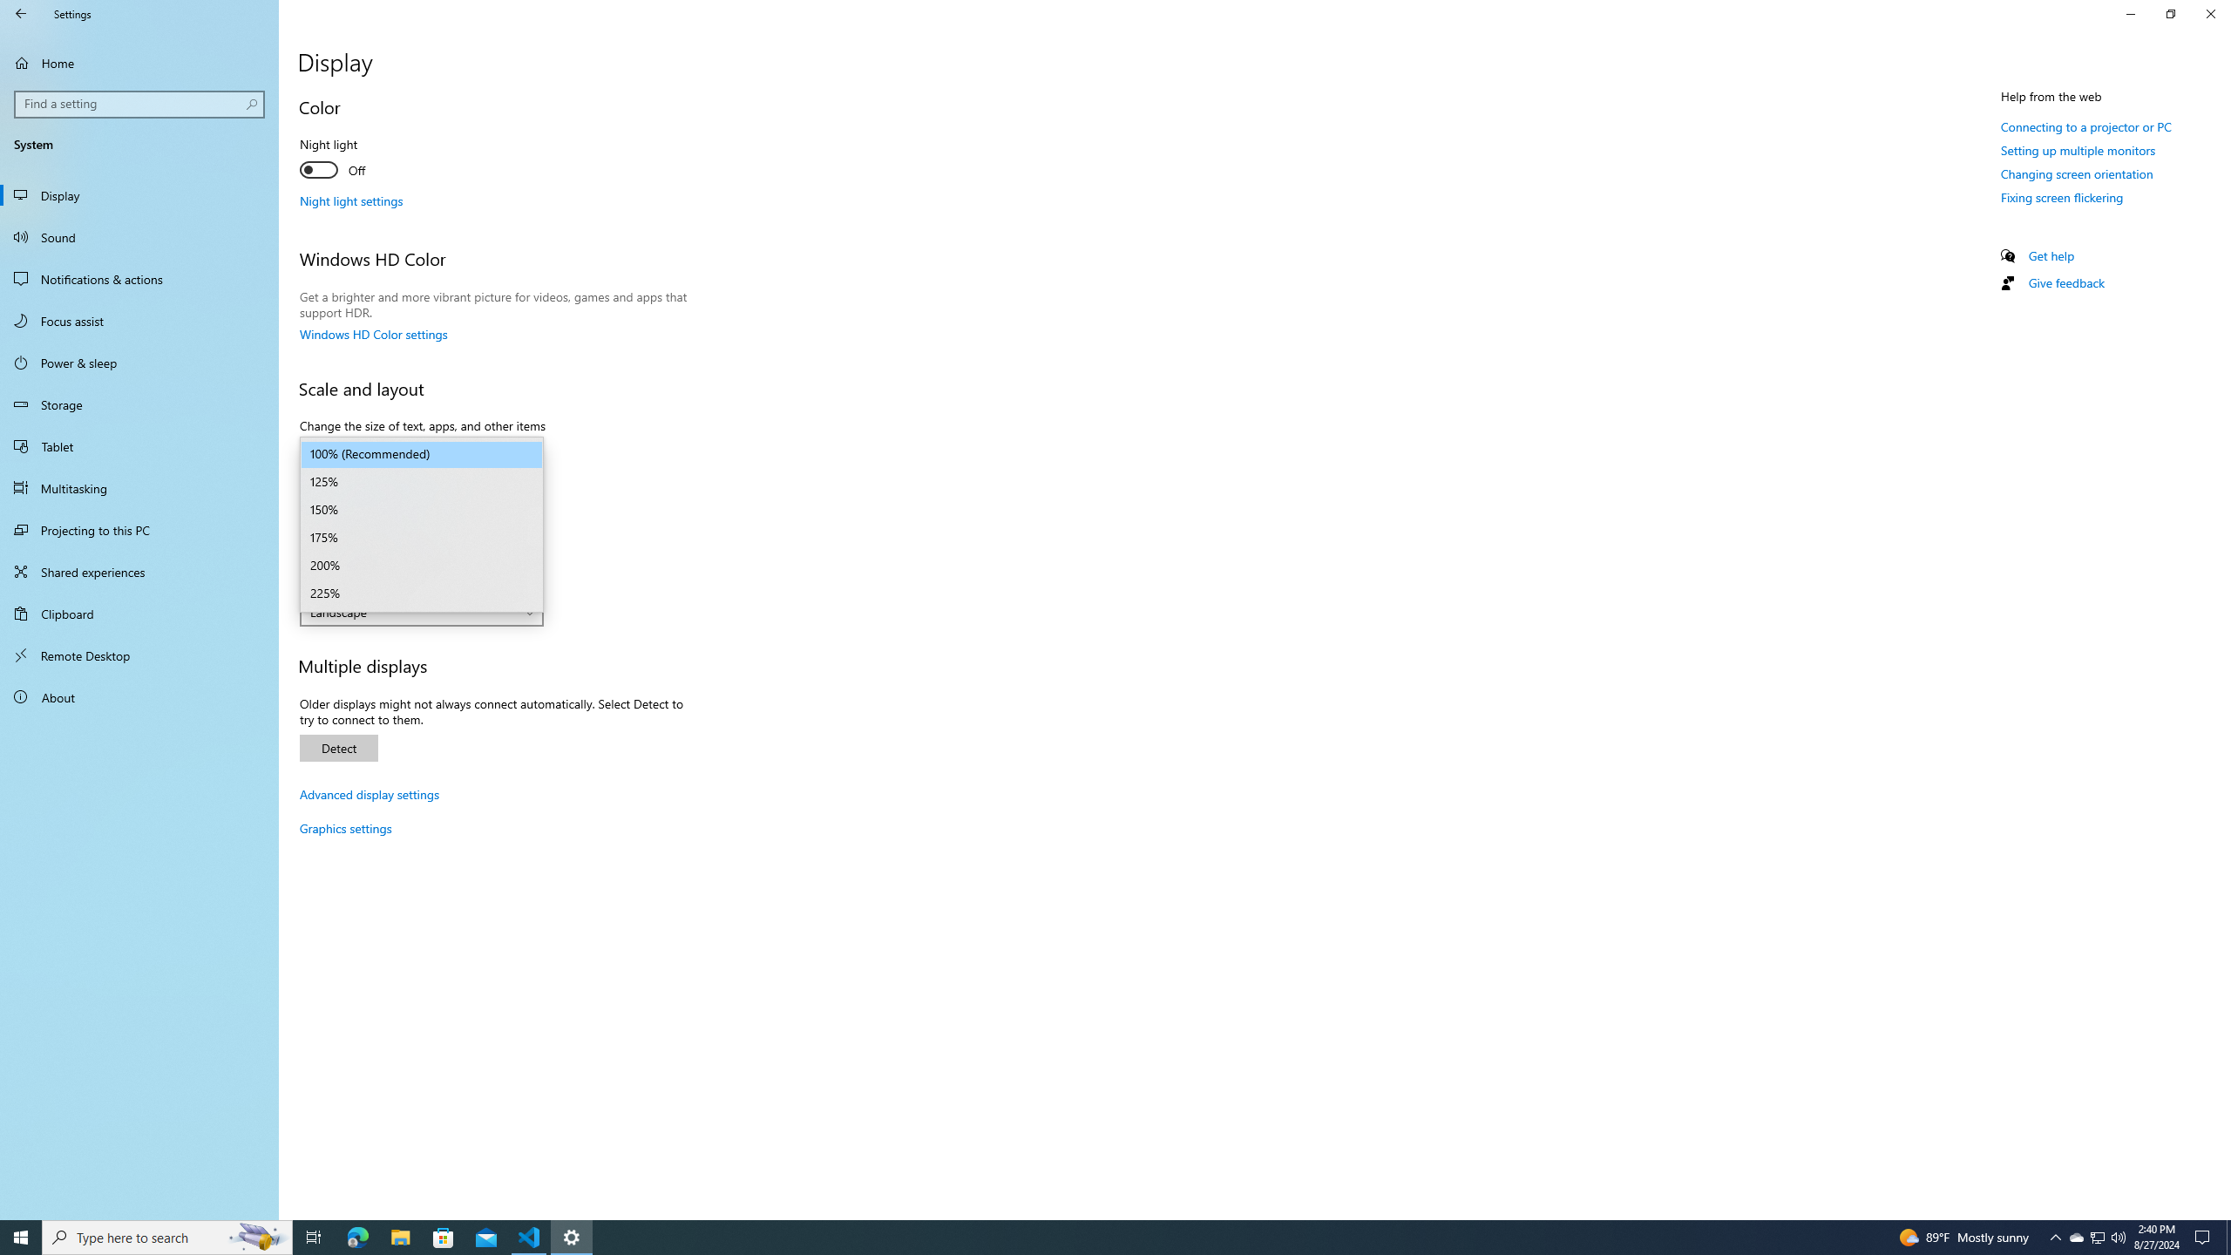 The image size is (2231, 1255). I want to click on '100% (Recommended)', so click(420, 454).